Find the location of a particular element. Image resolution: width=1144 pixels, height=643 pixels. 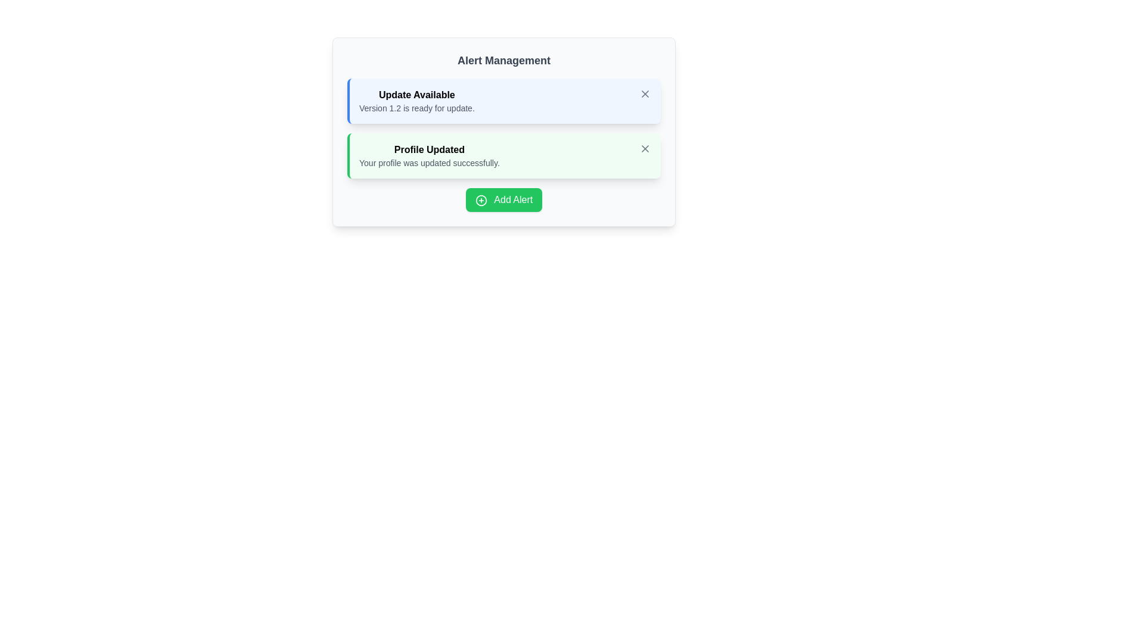

notification titled 'Profile Updated' which indicates that 'Your profile was updated successfully.' is located at coordinates (429, 155).